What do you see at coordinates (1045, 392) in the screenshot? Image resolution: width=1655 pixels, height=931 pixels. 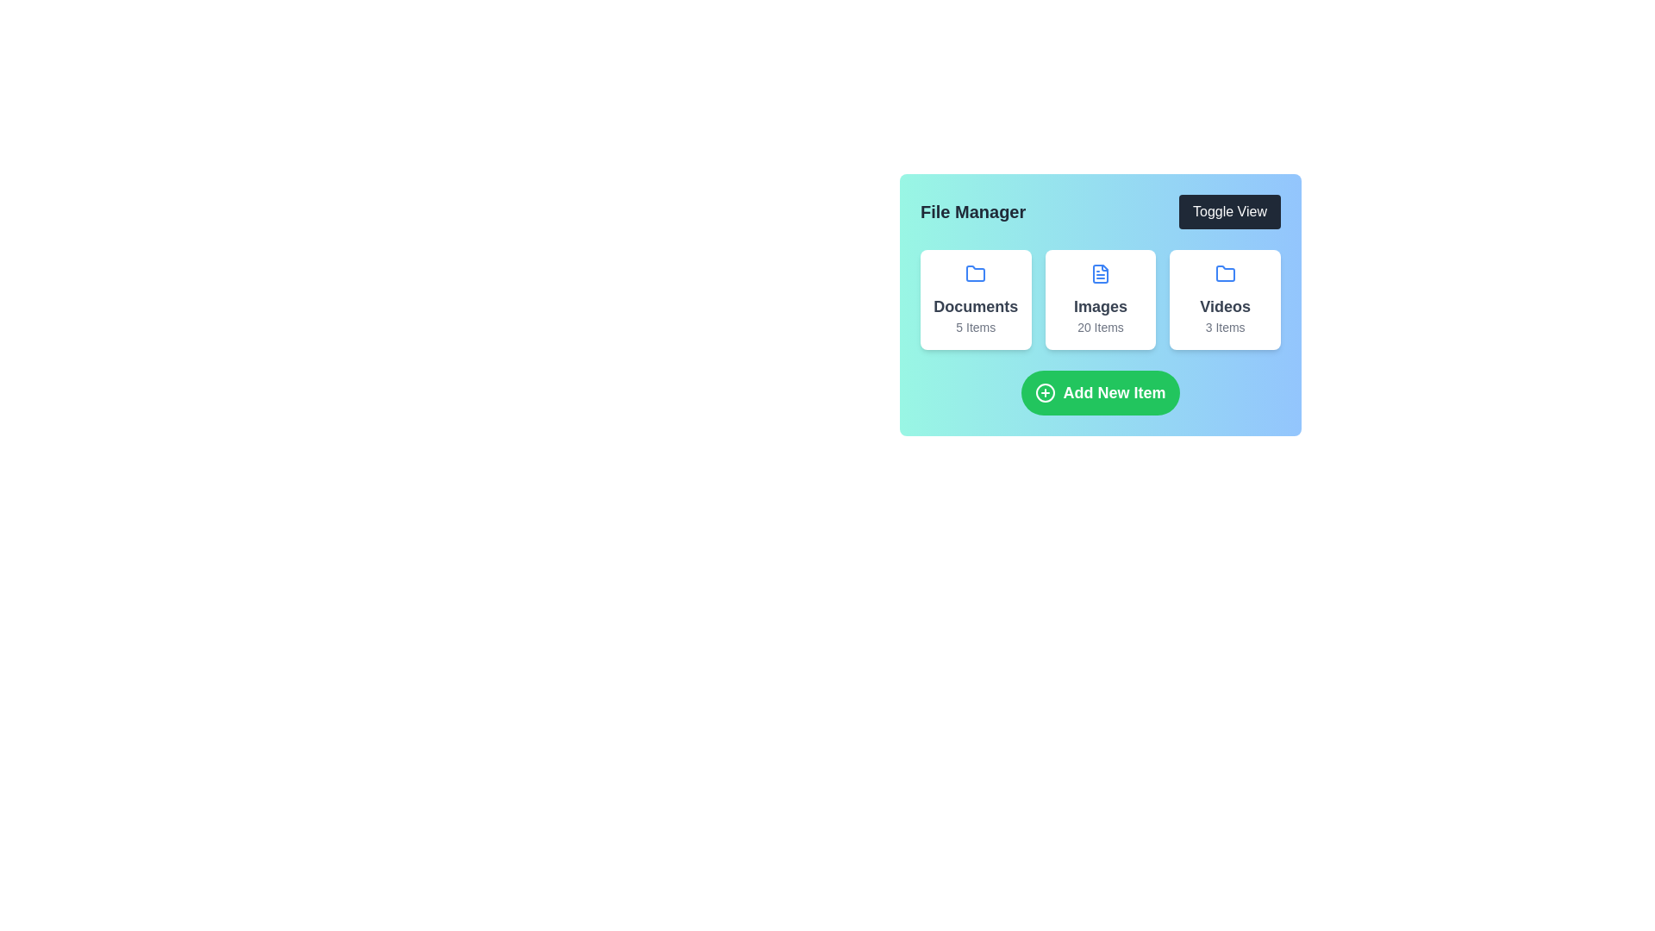 I see `the SVG circle element that is part of the 'Add New Item' button, which indicates its decorative and functional purpose as an icon for adding new items` at bounding box center [1045, 392].